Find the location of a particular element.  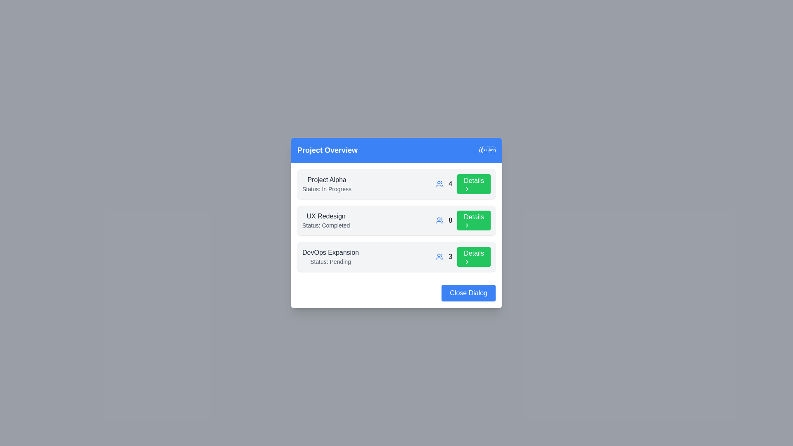

the 'Details' button for the project with ID 3 is located at coordinates (474, 256).